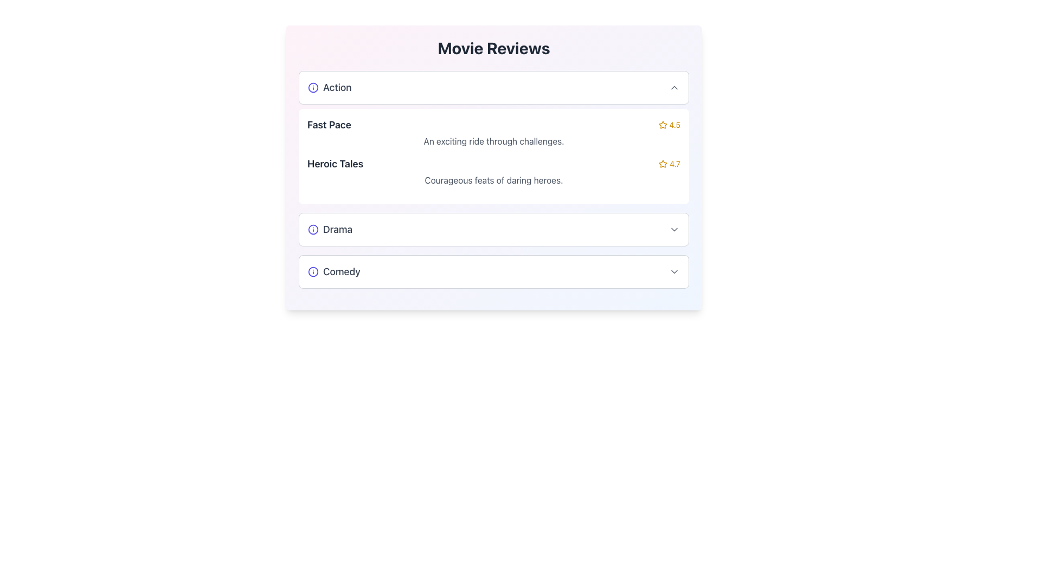  What do you see at coordinates (493, 125) in the screenshot?
I see `the movie title and rating element in the 'Action' category, located at the top before 'Heroic Tales'` at bounding box center [493, 125].